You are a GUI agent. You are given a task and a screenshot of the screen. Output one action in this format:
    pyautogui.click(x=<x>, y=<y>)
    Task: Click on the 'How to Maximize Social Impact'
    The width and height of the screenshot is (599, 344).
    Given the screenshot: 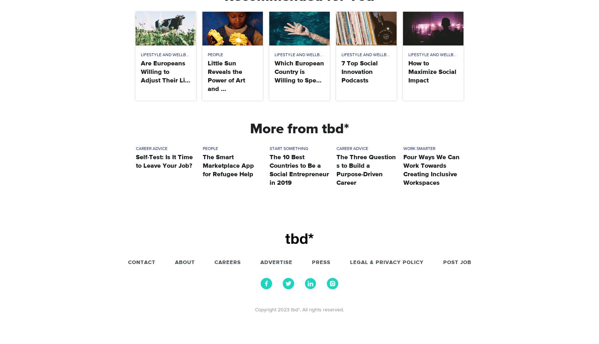 What is the action you would take?
    pyautogui.click(x=432, y=72)
    